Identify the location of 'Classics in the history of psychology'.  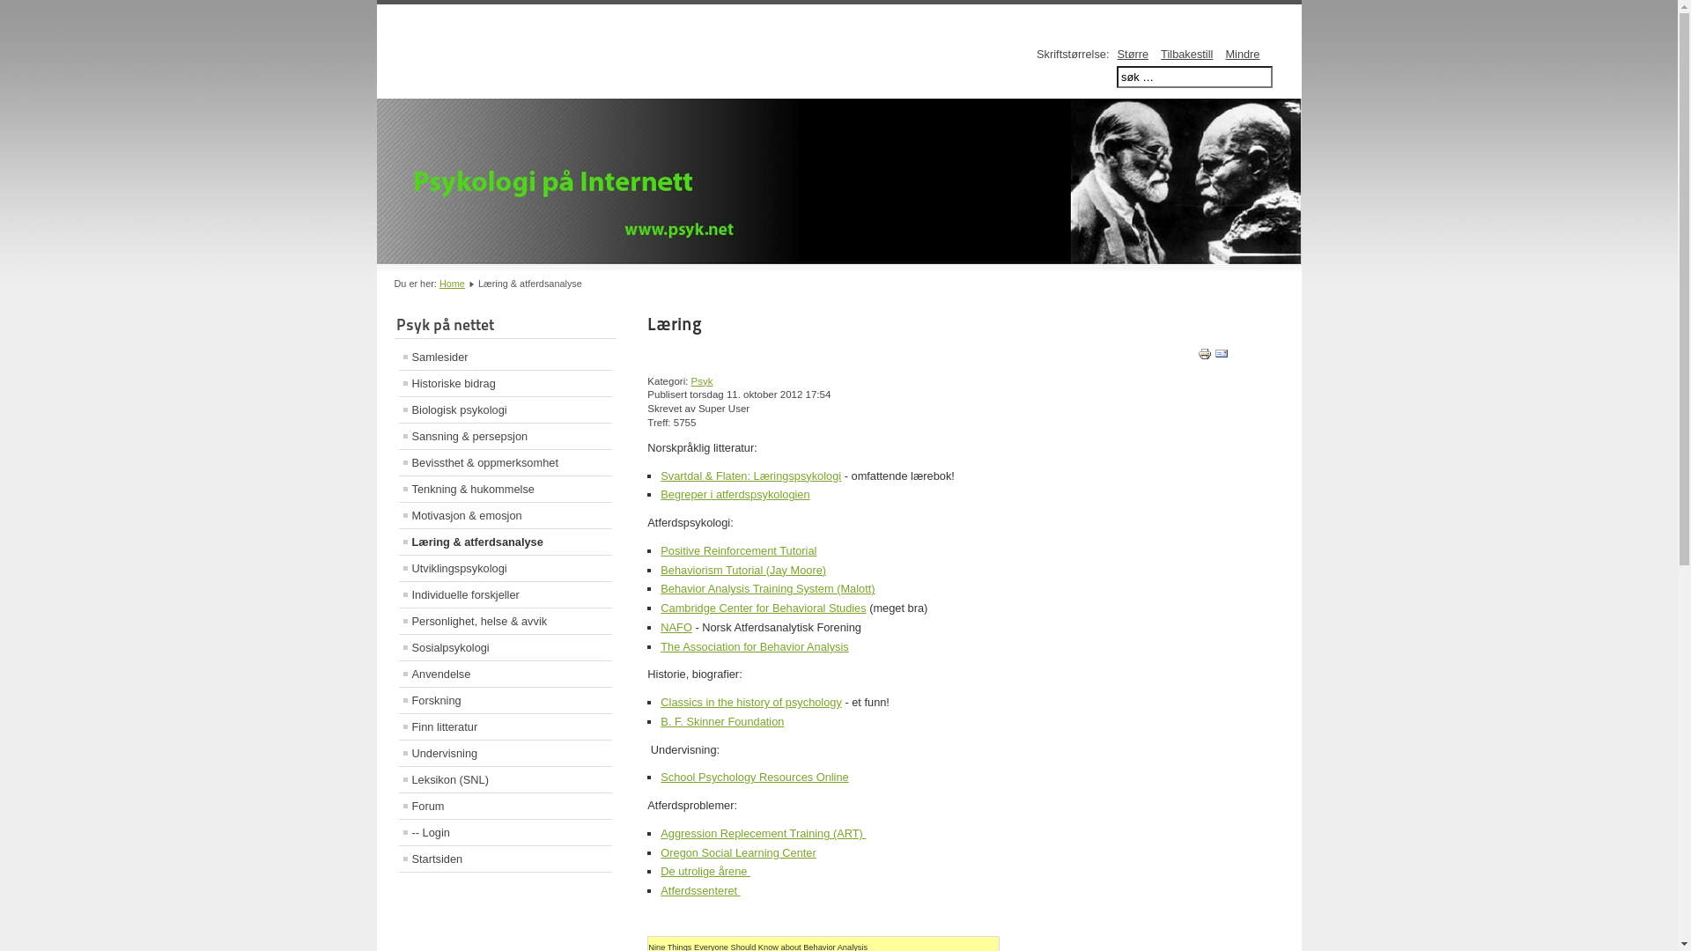
(751, 701).